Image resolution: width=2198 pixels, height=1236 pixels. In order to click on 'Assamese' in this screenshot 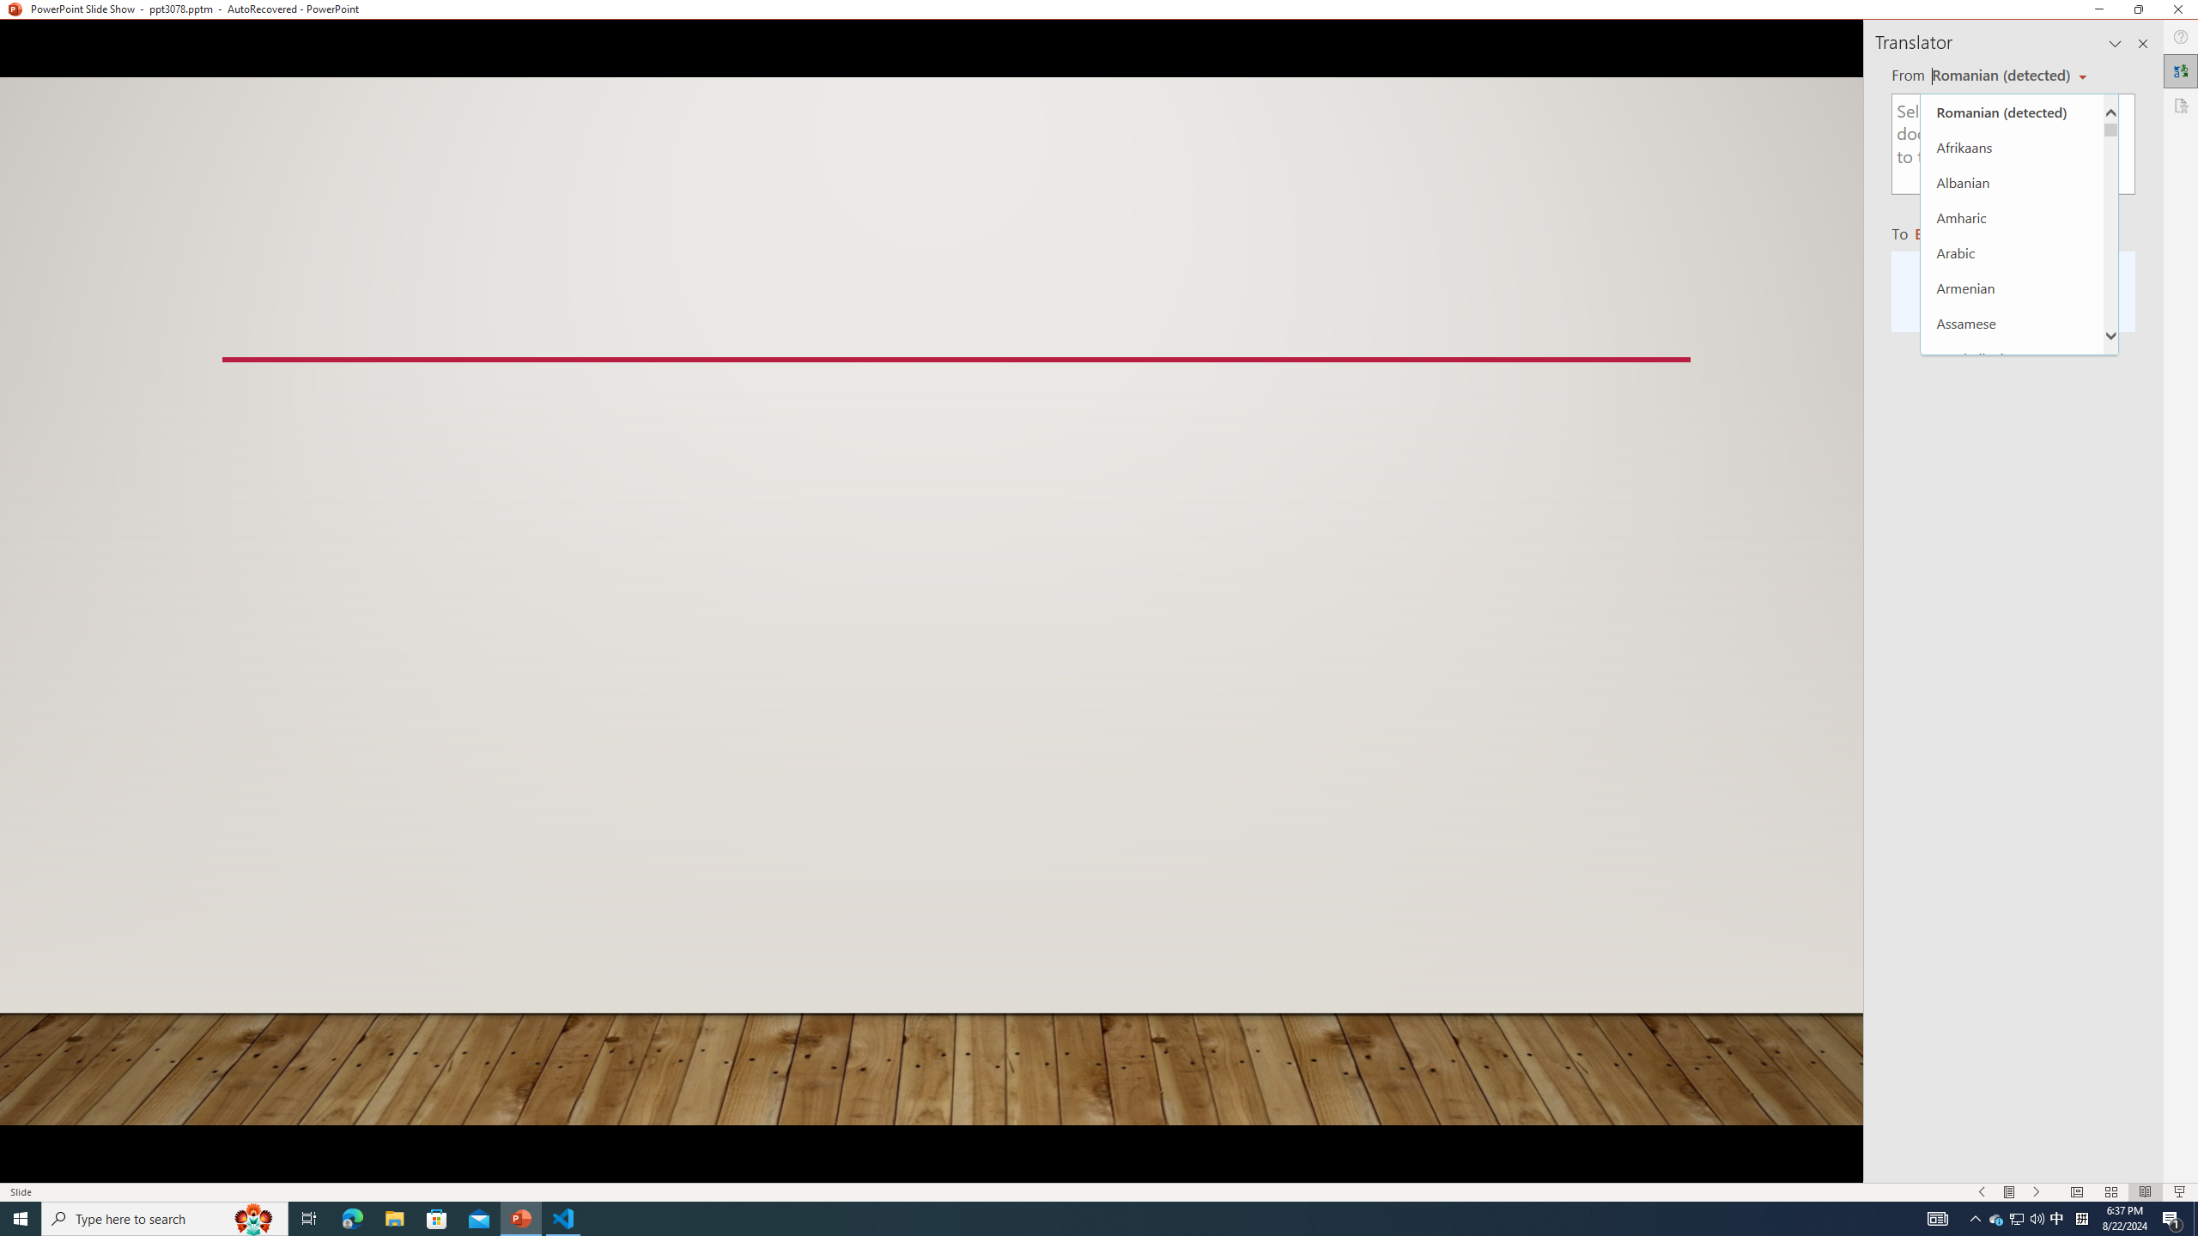, I will do `click(2012, 322)`.